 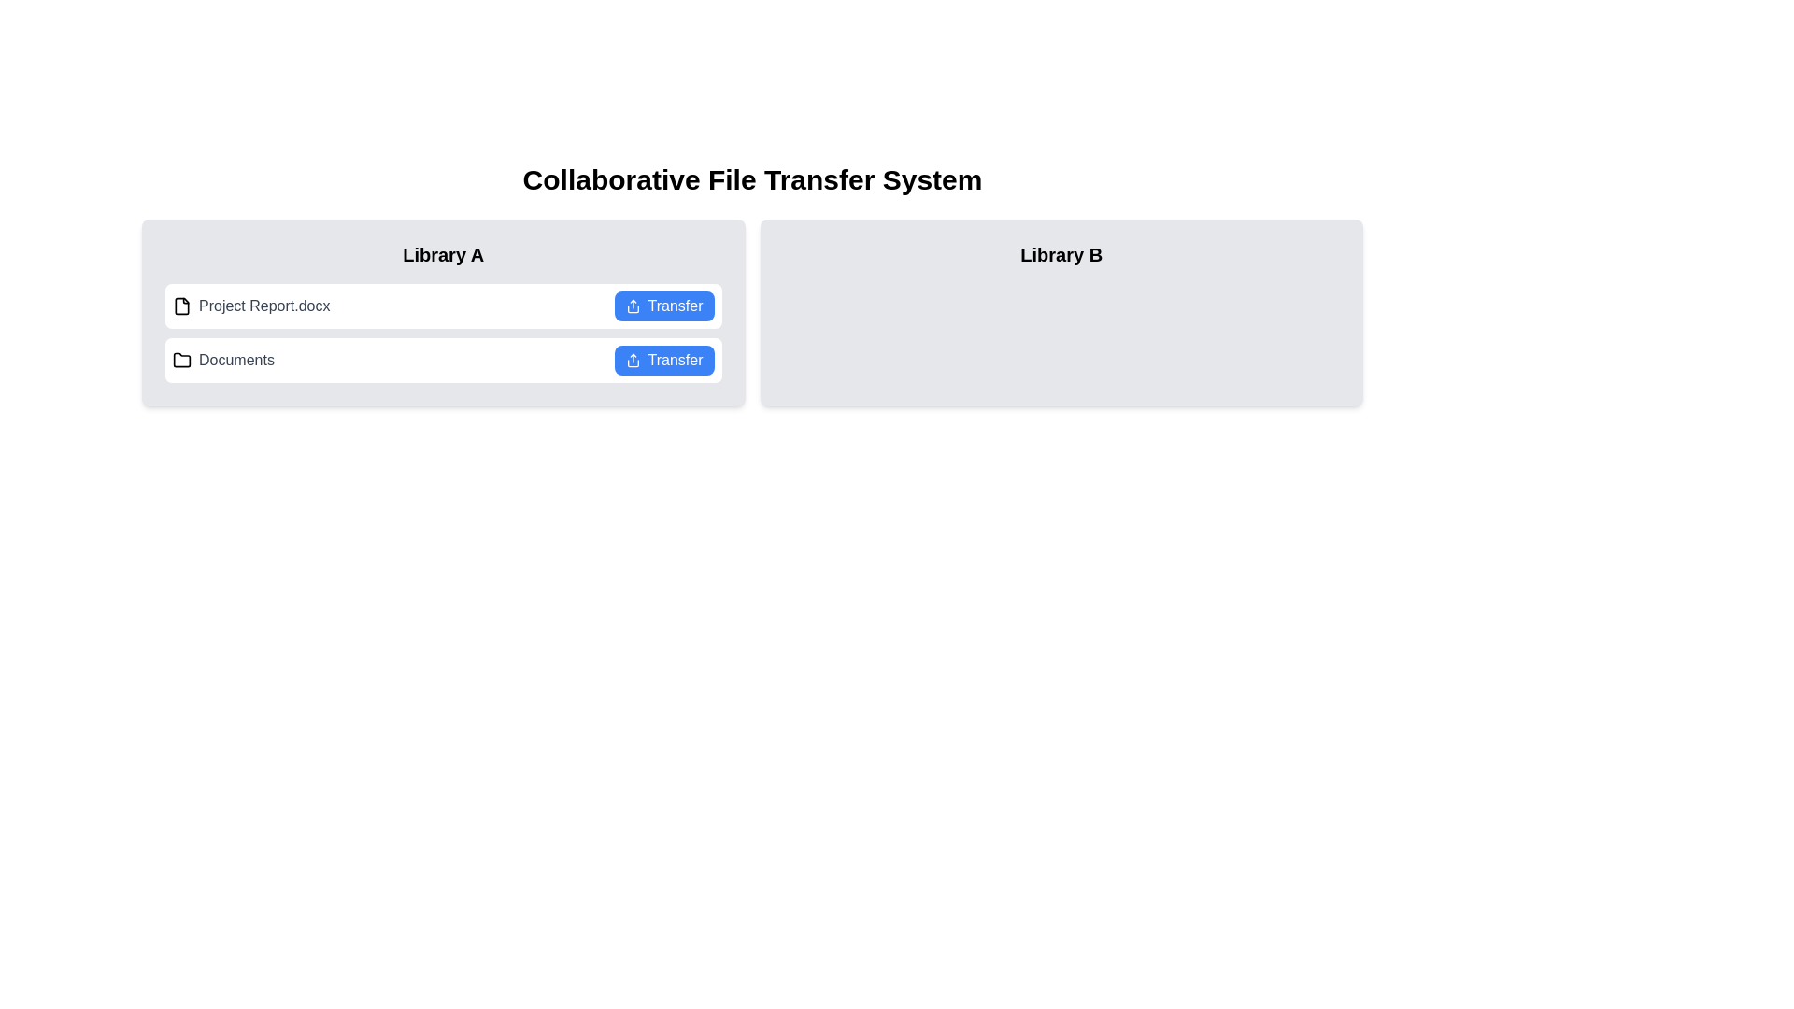 I want to click on the File item labeled 'Project Report.docx', so click(x=250, y=305).